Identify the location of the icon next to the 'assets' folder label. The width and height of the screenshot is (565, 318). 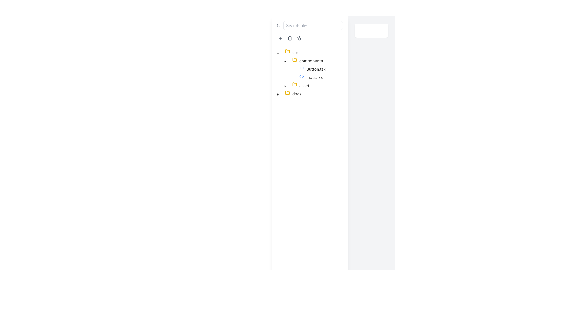
(285, 86).